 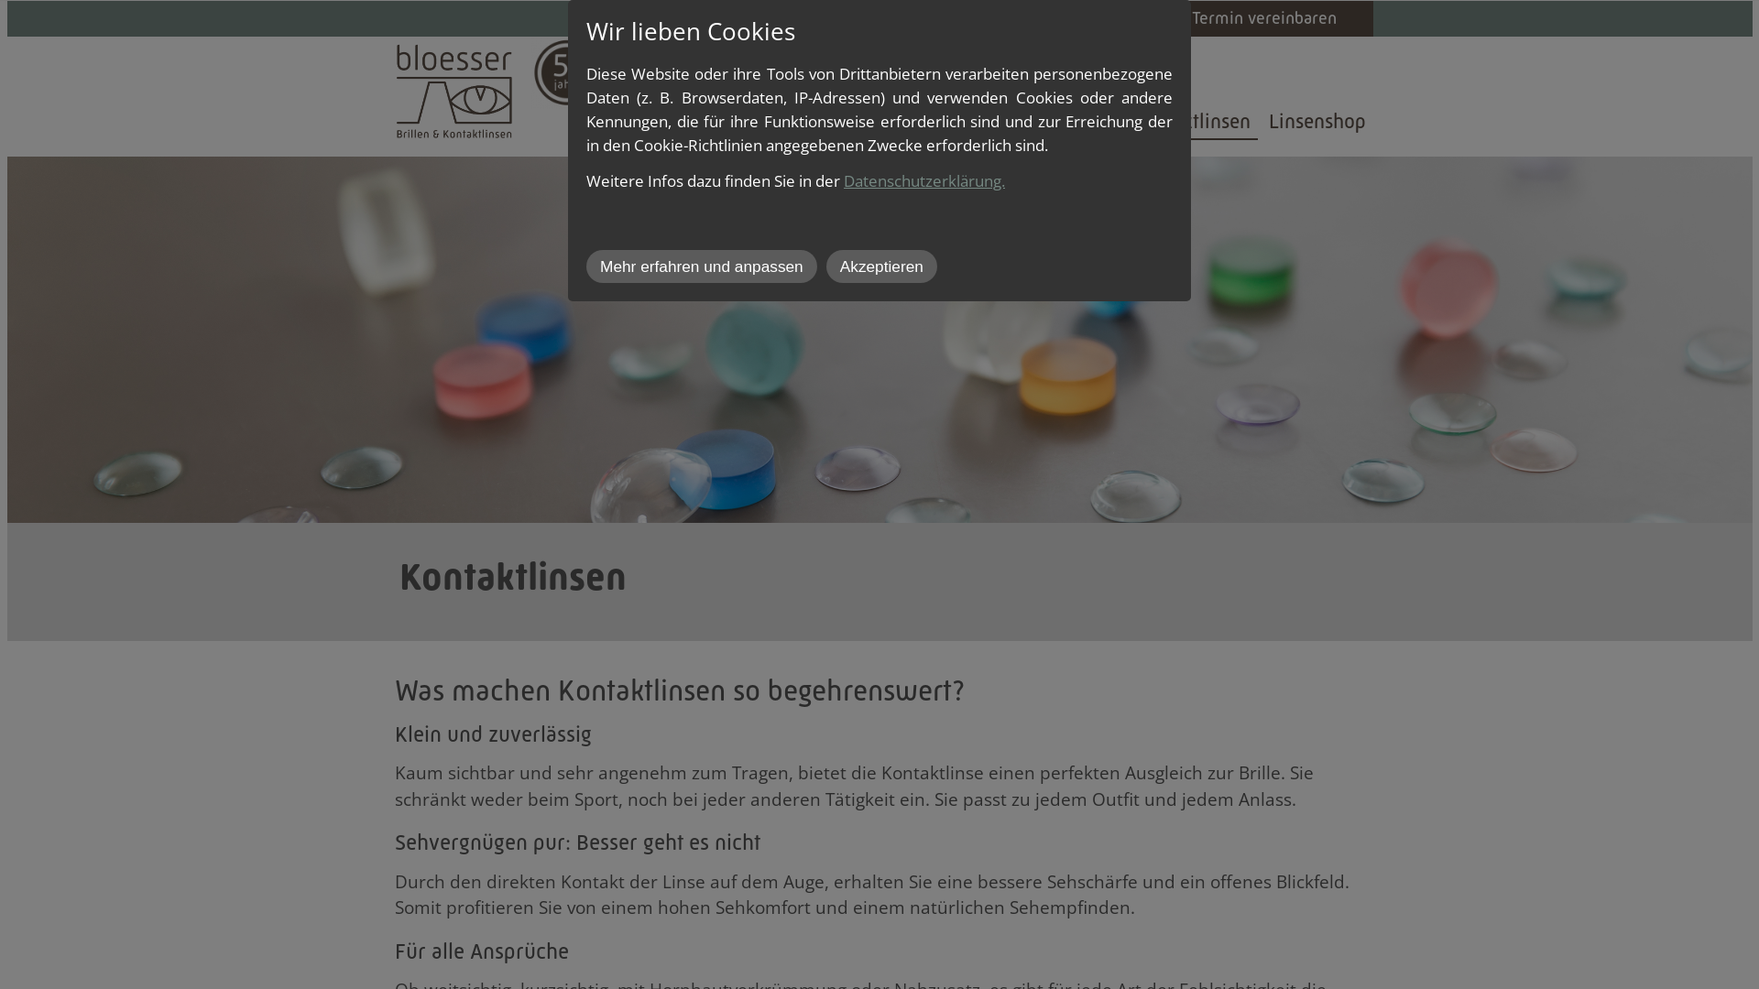 What do you see at coordinates (1263, 17) in the screenshot?
I see `'Termin vereinbaren'` at bounding box center [1263, 17].